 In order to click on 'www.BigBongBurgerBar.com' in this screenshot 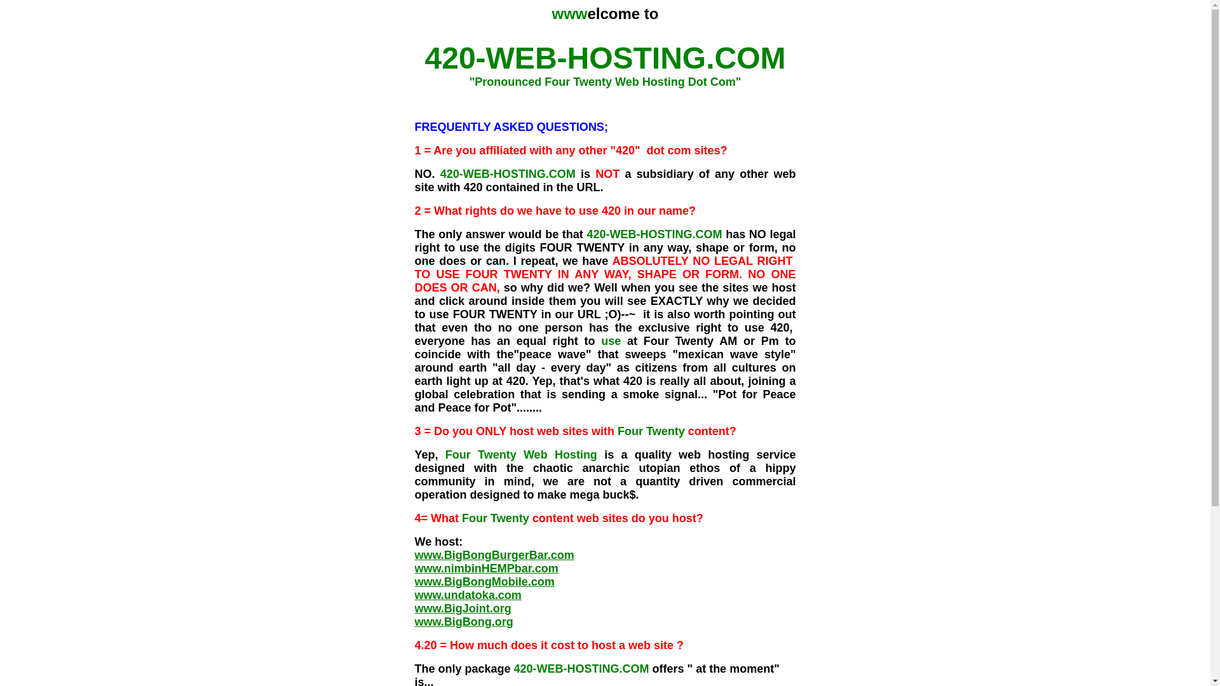, I will do `click(493, 555)`.